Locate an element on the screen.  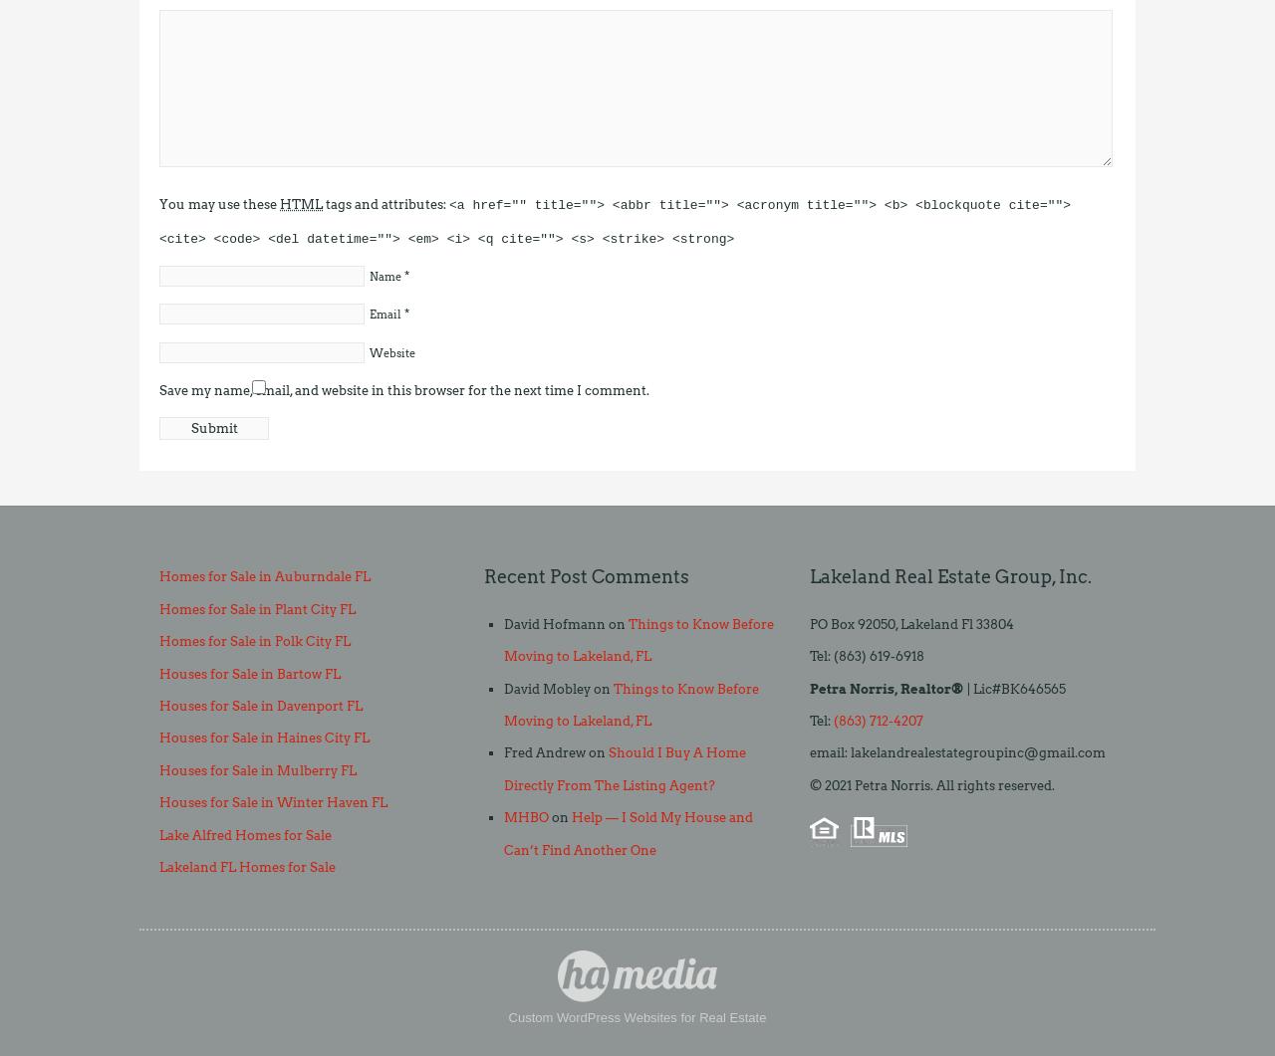
'Houses for Sale in Davenport FL' is located at coordinates (260, 706).